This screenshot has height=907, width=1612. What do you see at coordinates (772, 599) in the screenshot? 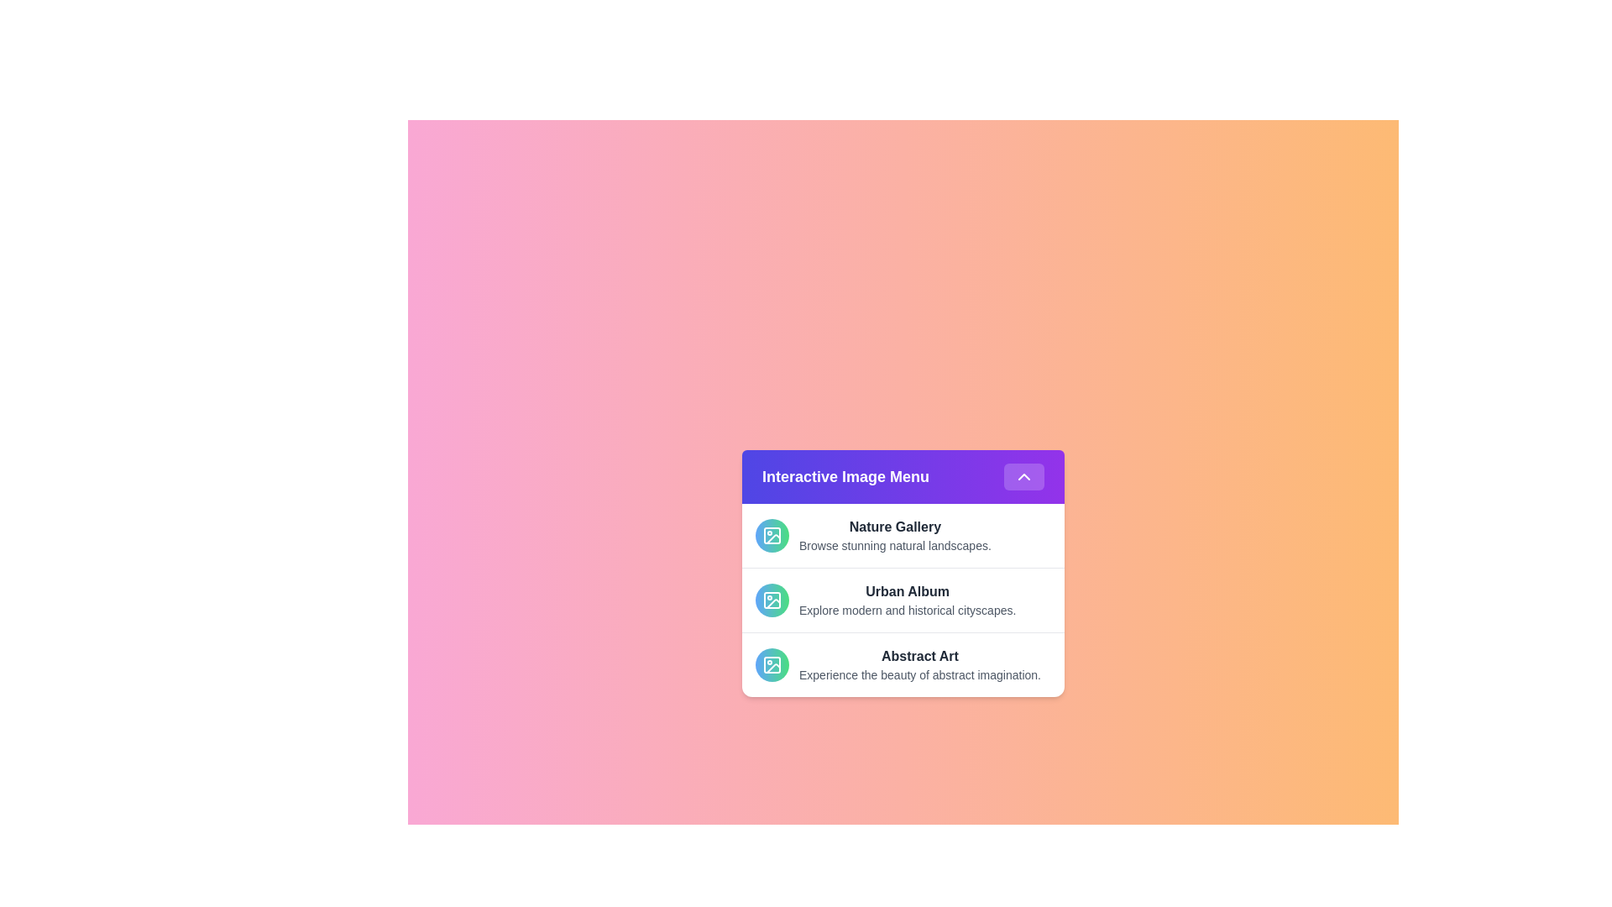
I see `the icon of the Urban Album menu item` at bounding box center [772, 599].